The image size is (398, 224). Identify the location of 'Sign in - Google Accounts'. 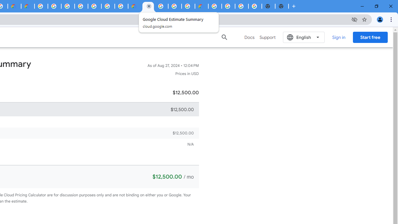
(68, 6).